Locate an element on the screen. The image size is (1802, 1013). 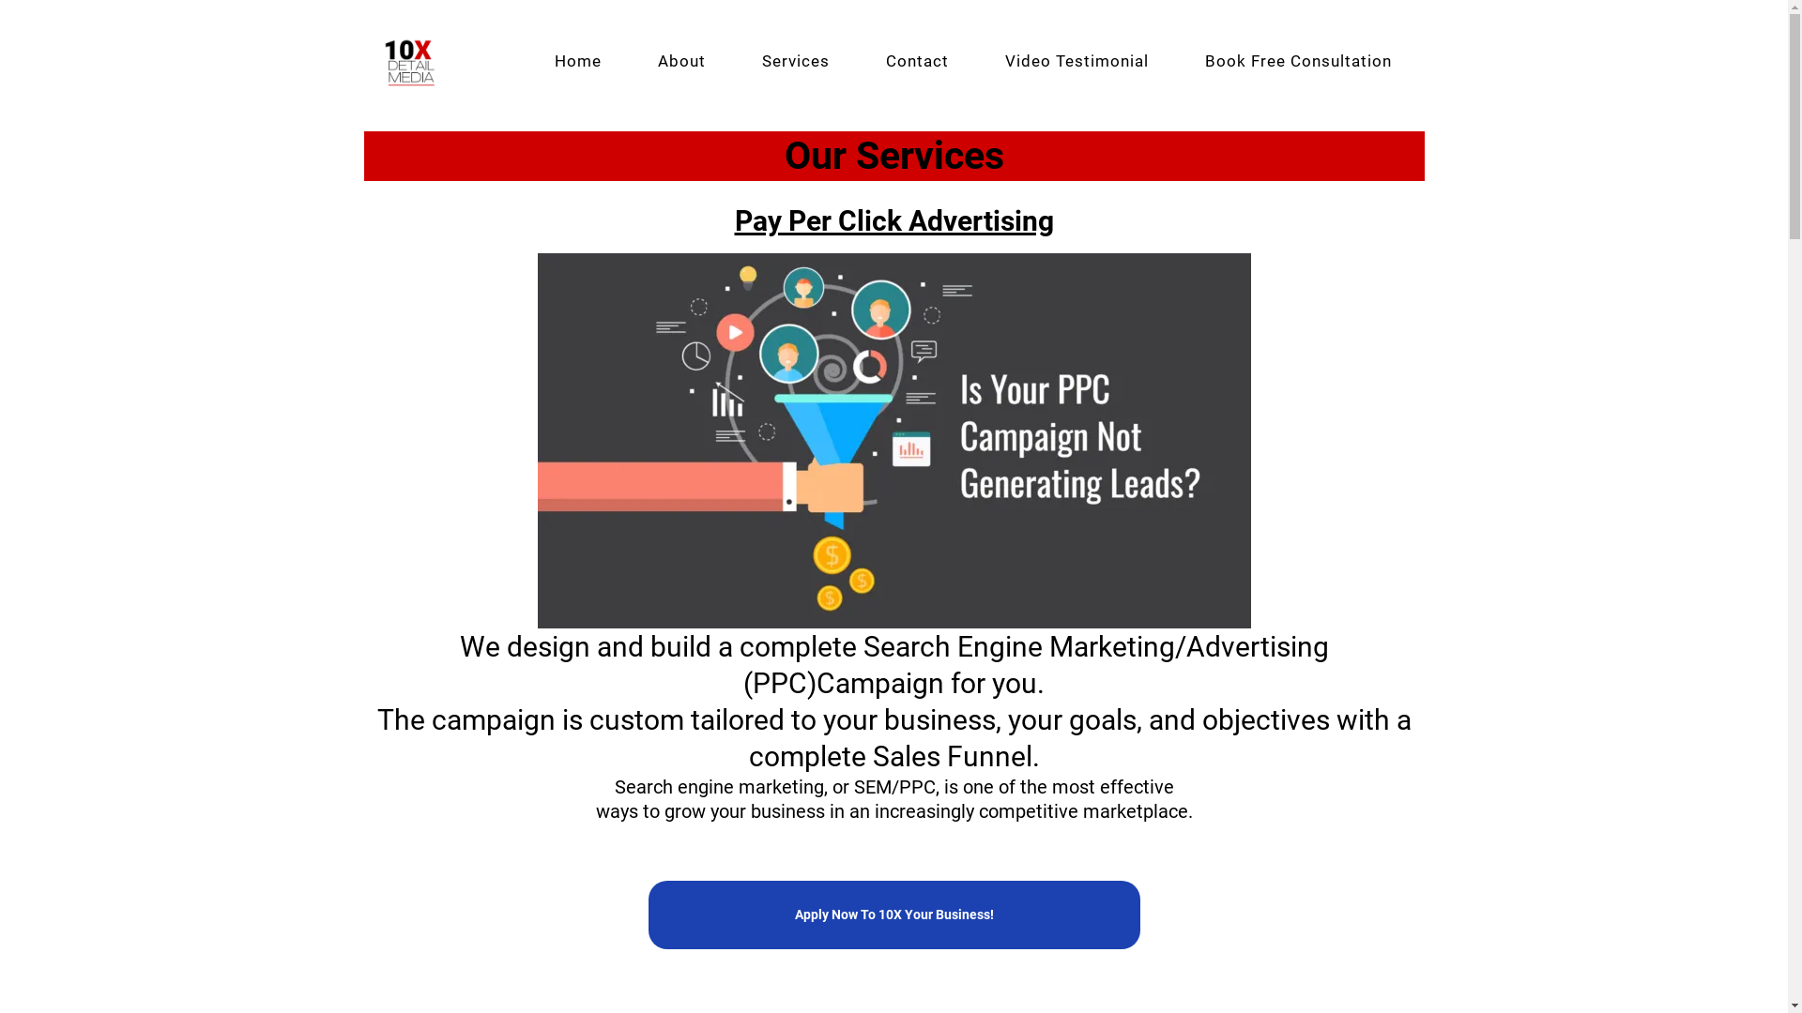
'Book Free Consultation' is located at coordinates (1297, 60).